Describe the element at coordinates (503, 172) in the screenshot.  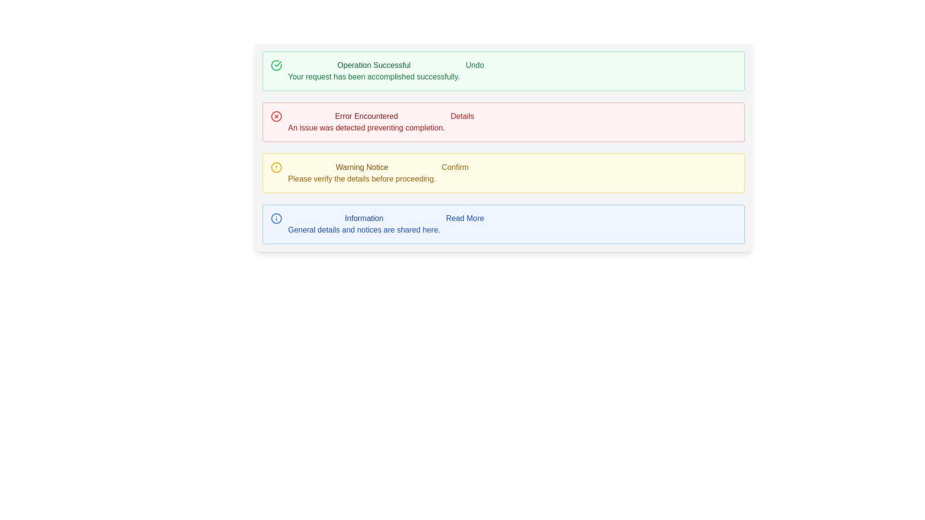
I see `the 'Confirm' button of the third Notification Box, which warns users to verify details before proceeding` at that location.